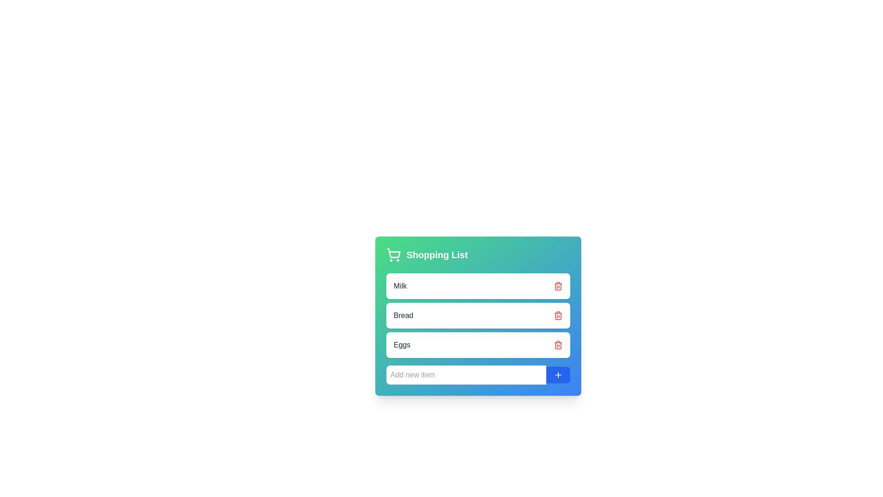  I want to click on text label displaying the word 'Eggs' located in the third card of the shopping list interface, which is a gray sans-serif font inside a white rounded card, so click(402, 345).